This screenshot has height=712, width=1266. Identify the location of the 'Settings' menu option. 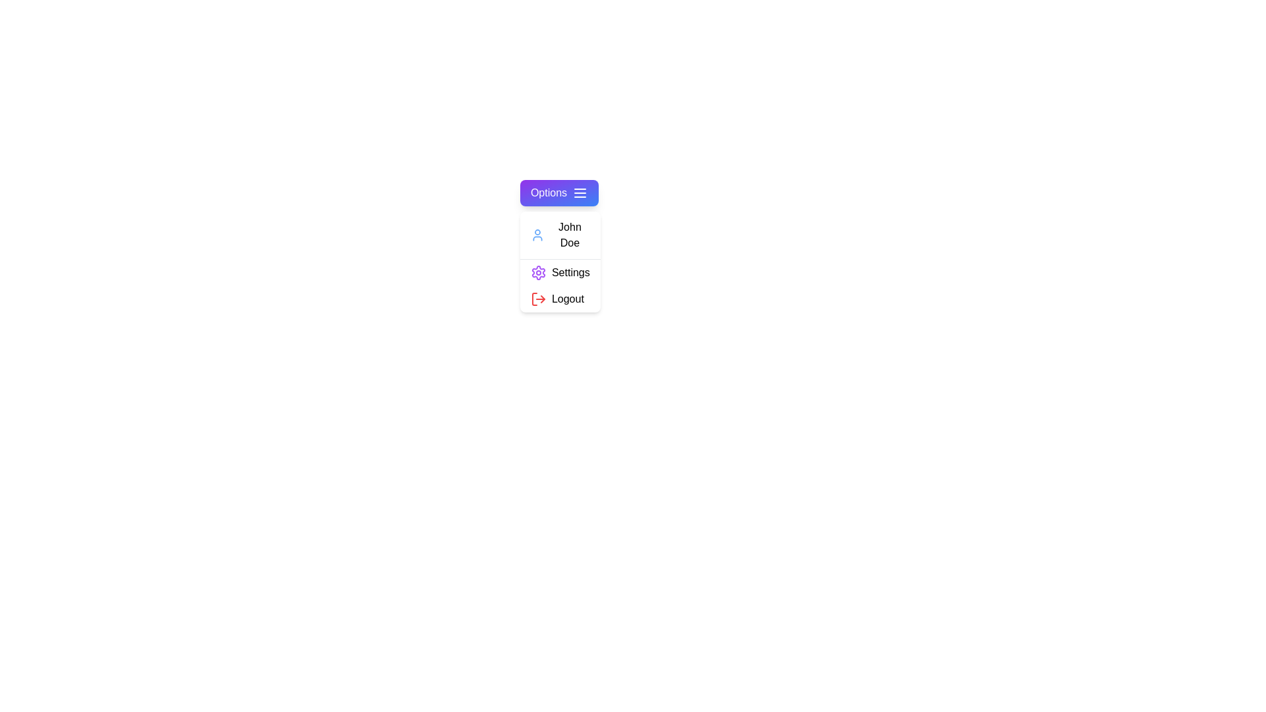
(560, 272).